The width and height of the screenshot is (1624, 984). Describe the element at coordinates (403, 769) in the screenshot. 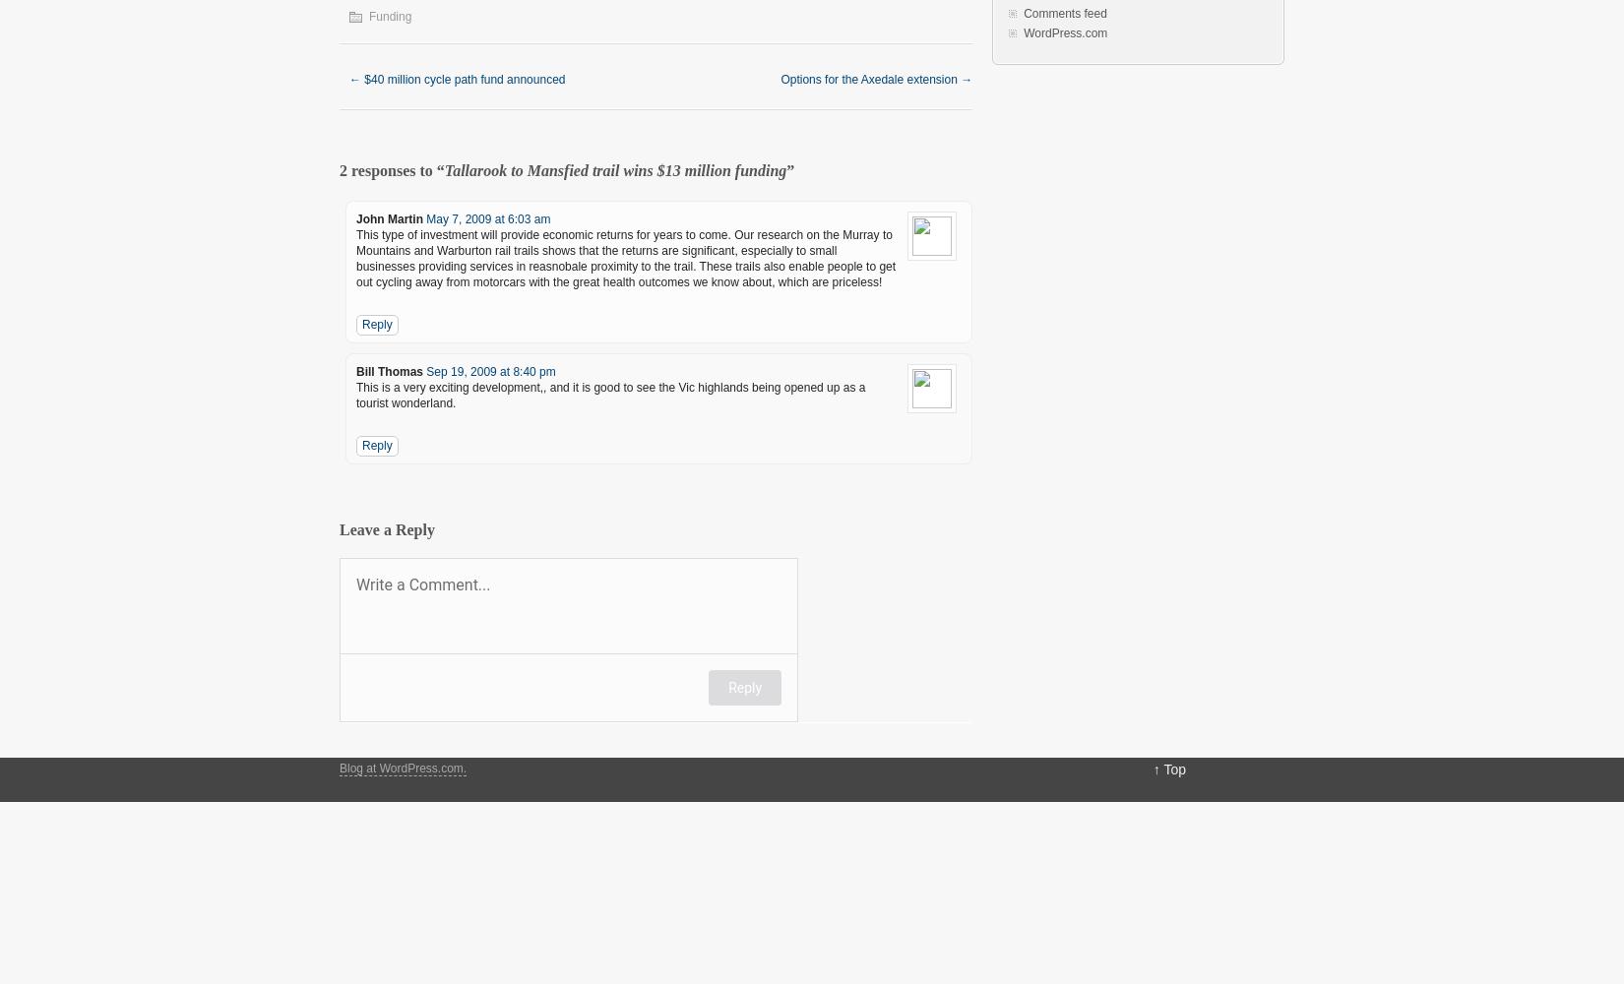

I see `'Blog at WordPress.com.'` at that location.